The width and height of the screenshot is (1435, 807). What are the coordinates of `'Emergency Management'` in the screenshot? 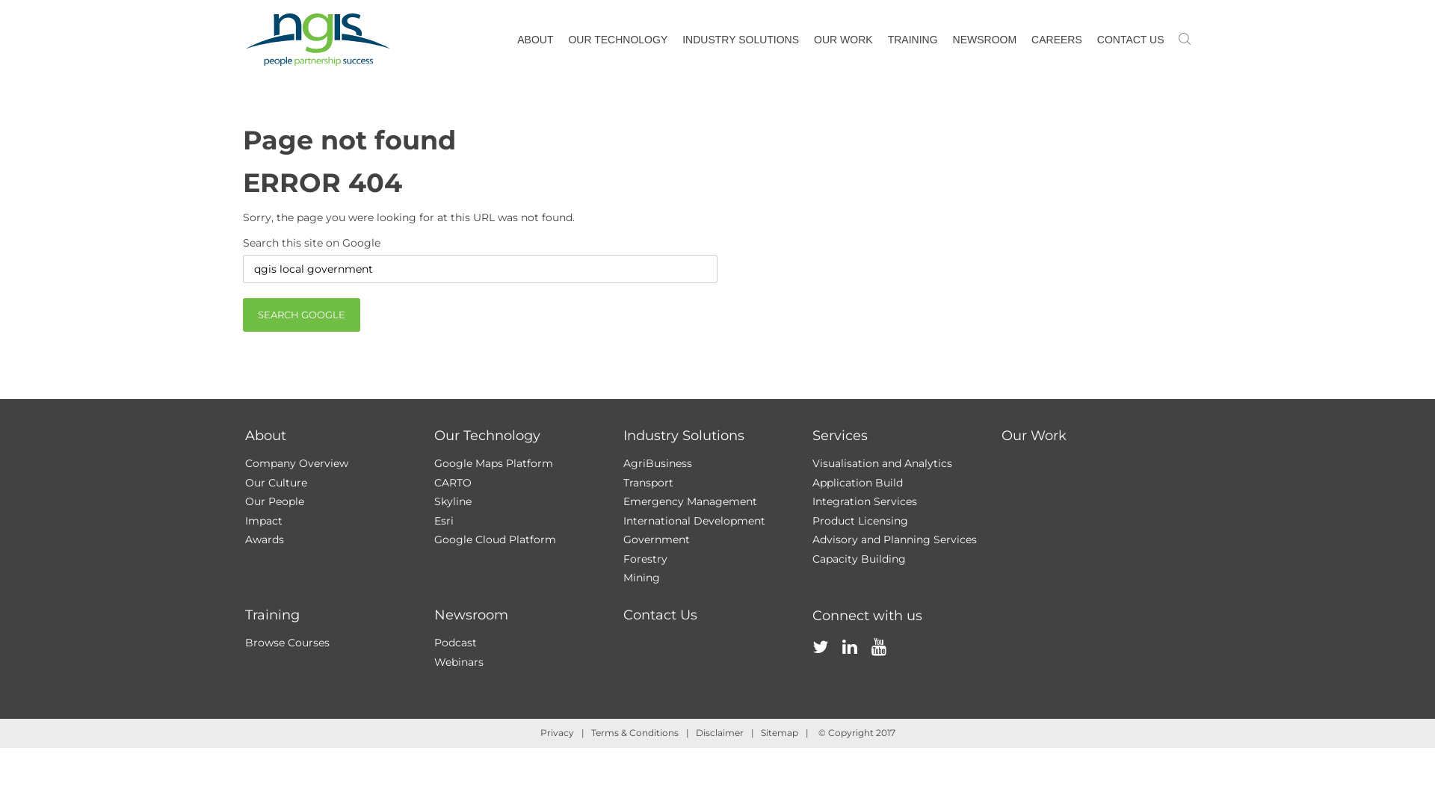 It's located at (689, 501).